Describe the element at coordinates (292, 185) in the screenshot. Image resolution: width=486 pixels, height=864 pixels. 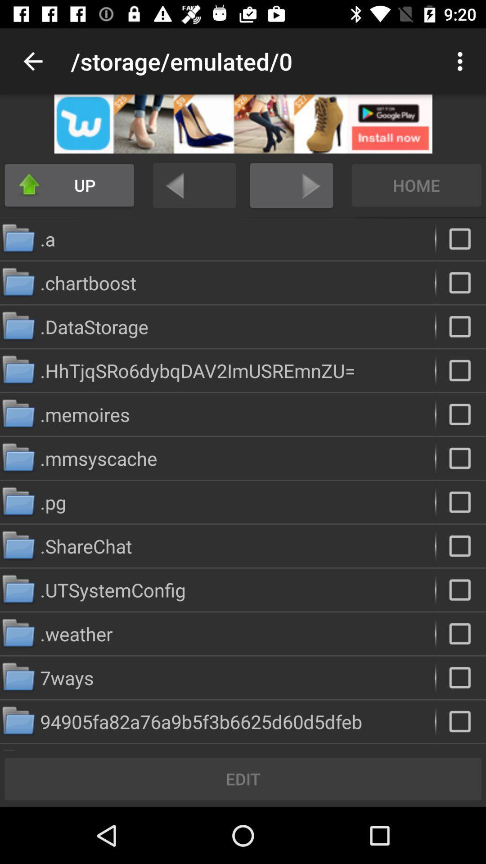
I see `next page` at that location.